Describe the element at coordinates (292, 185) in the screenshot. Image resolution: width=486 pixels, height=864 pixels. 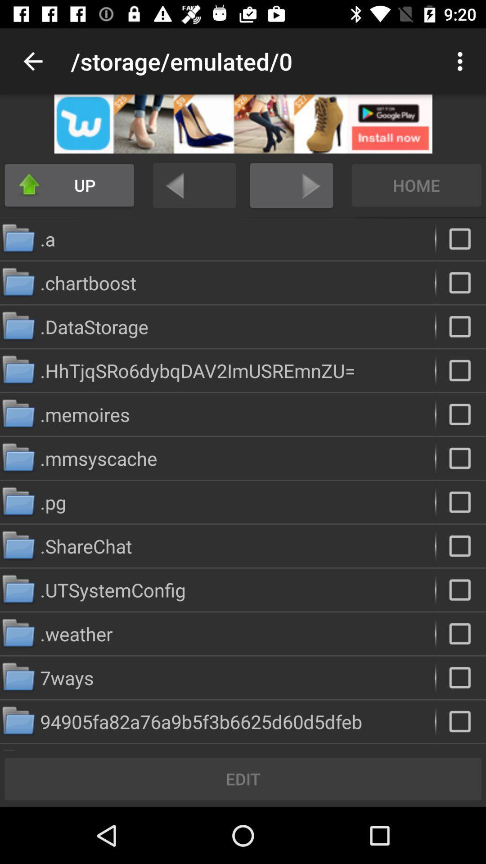
I see `next page` at that location.